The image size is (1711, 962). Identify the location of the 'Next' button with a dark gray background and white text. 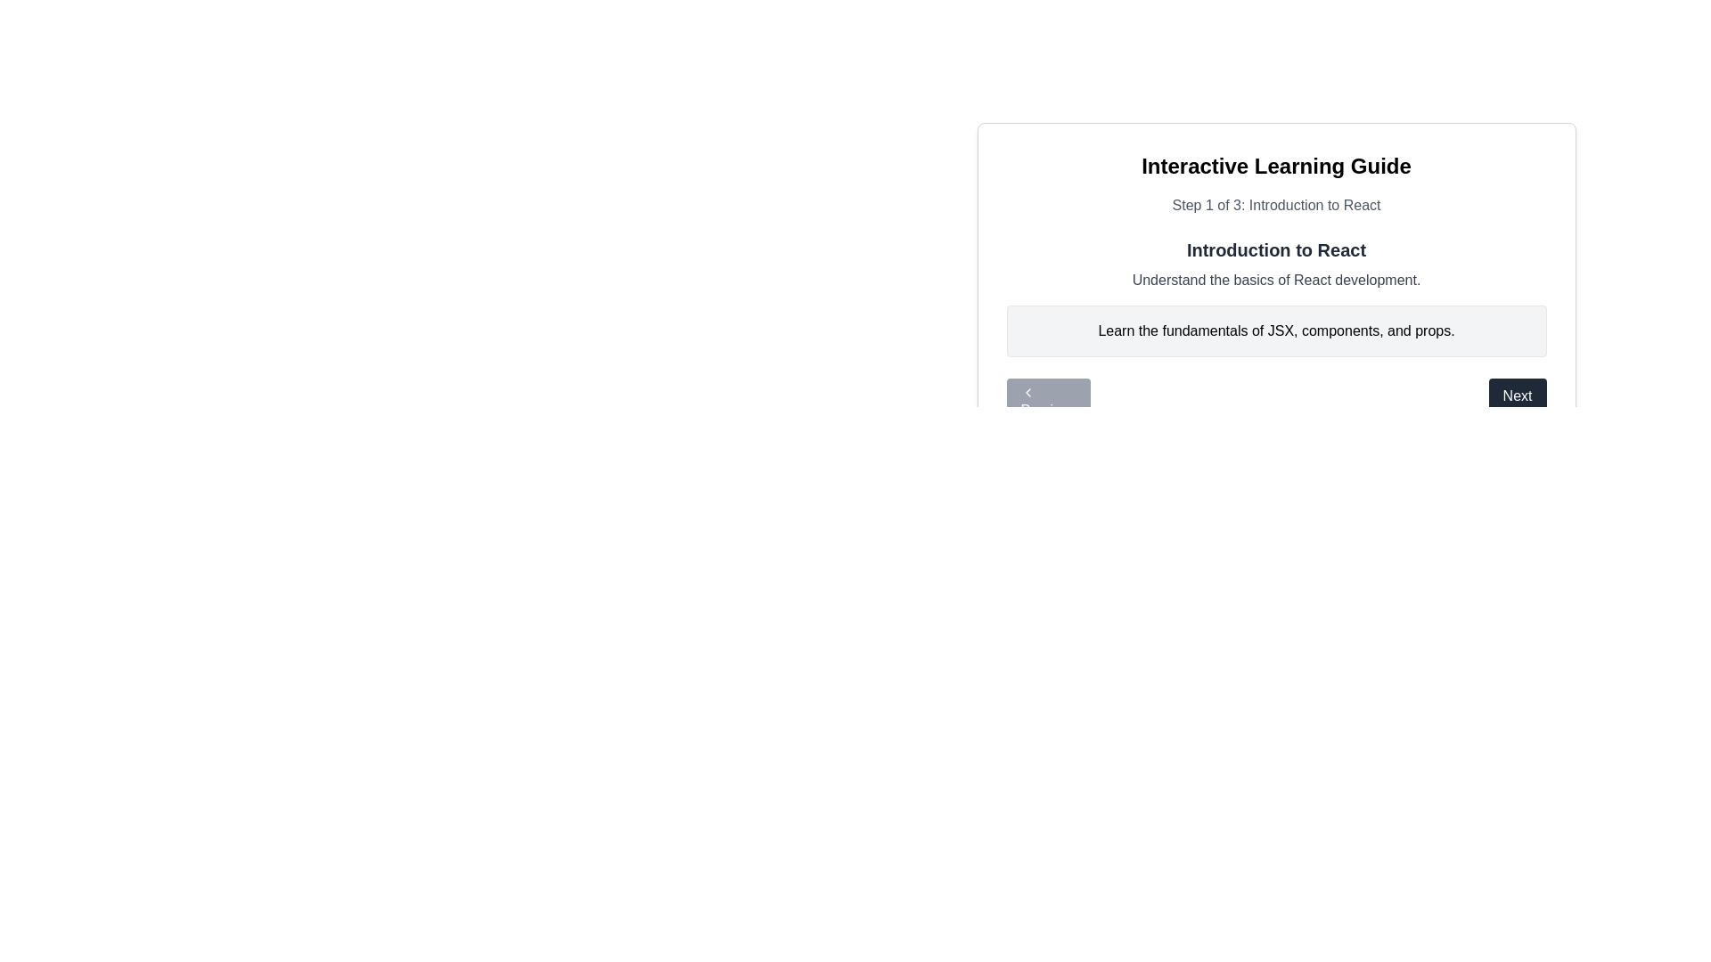
(1517, 403).